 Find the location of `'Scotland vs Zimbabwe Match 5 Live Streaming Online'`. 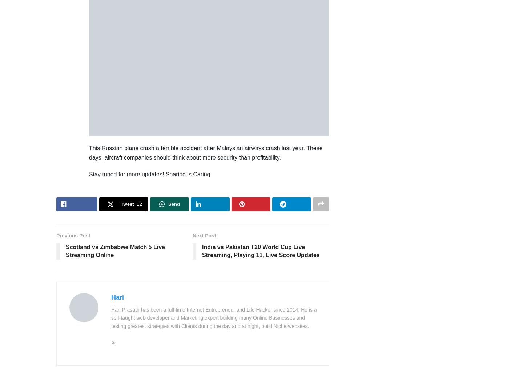

'Scotland vs Zimbabwe Match 5 Live Streaming Online' is located at coordinates (115, 251).